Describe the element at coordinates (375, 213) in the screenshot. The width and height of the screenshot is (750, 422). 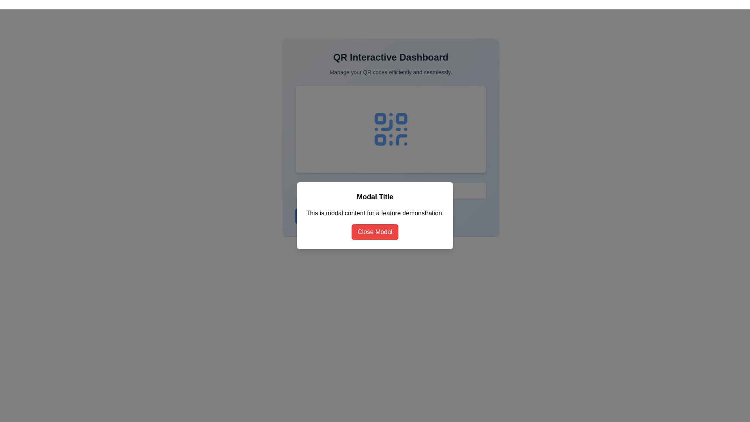
I see `text of the paragraph that contains 'This is modal content for a feature demonstration.' which is centrally aligned within the modal box, located below the header 'Modal Title' and above the button 'Close Modal'` at that location.